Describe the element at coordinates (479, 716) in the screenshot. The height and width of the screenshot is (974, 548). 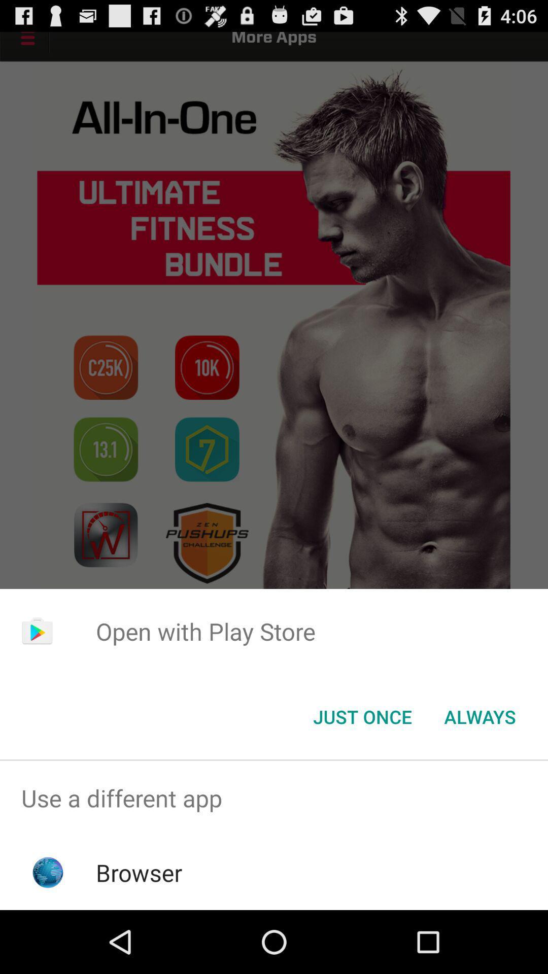
I see `the button at the bottom right corner` at that location.